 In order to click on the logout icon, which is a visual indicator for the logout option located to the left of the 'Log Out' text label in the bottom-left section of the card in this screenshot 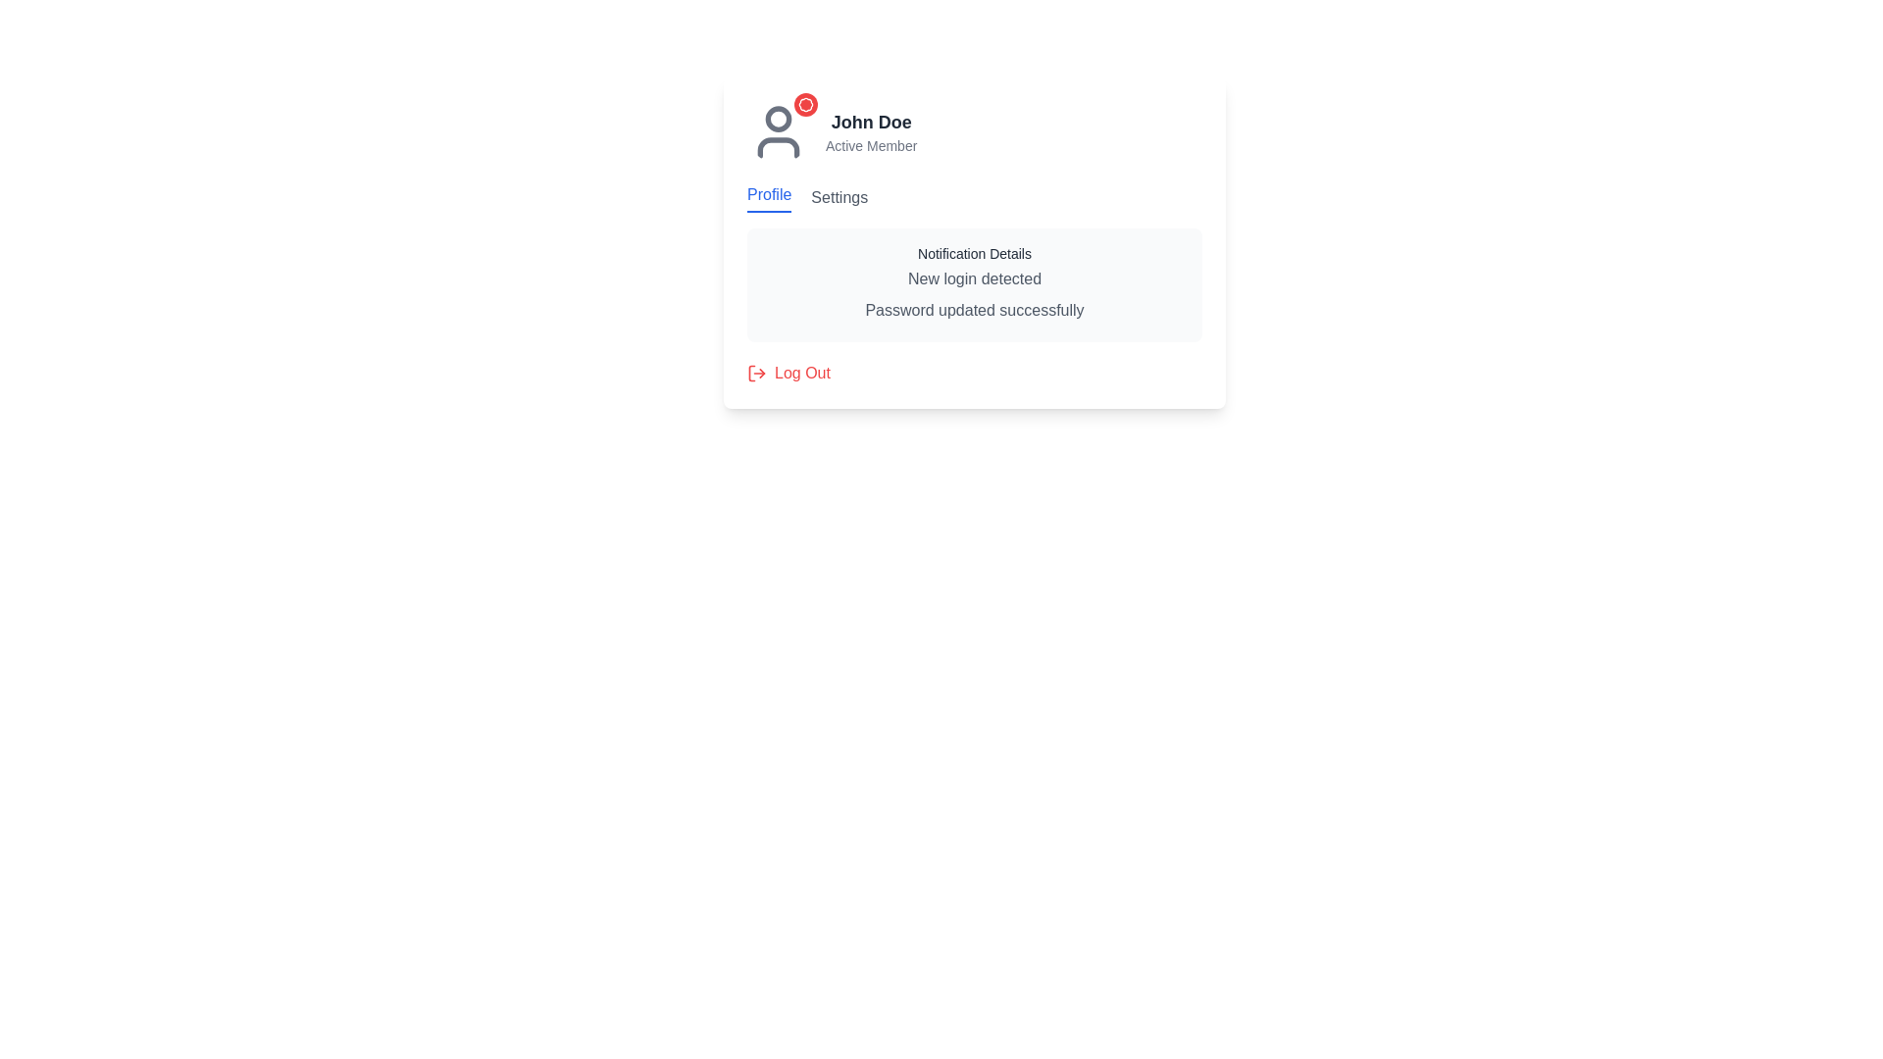, I will do `click(756, 374)`.